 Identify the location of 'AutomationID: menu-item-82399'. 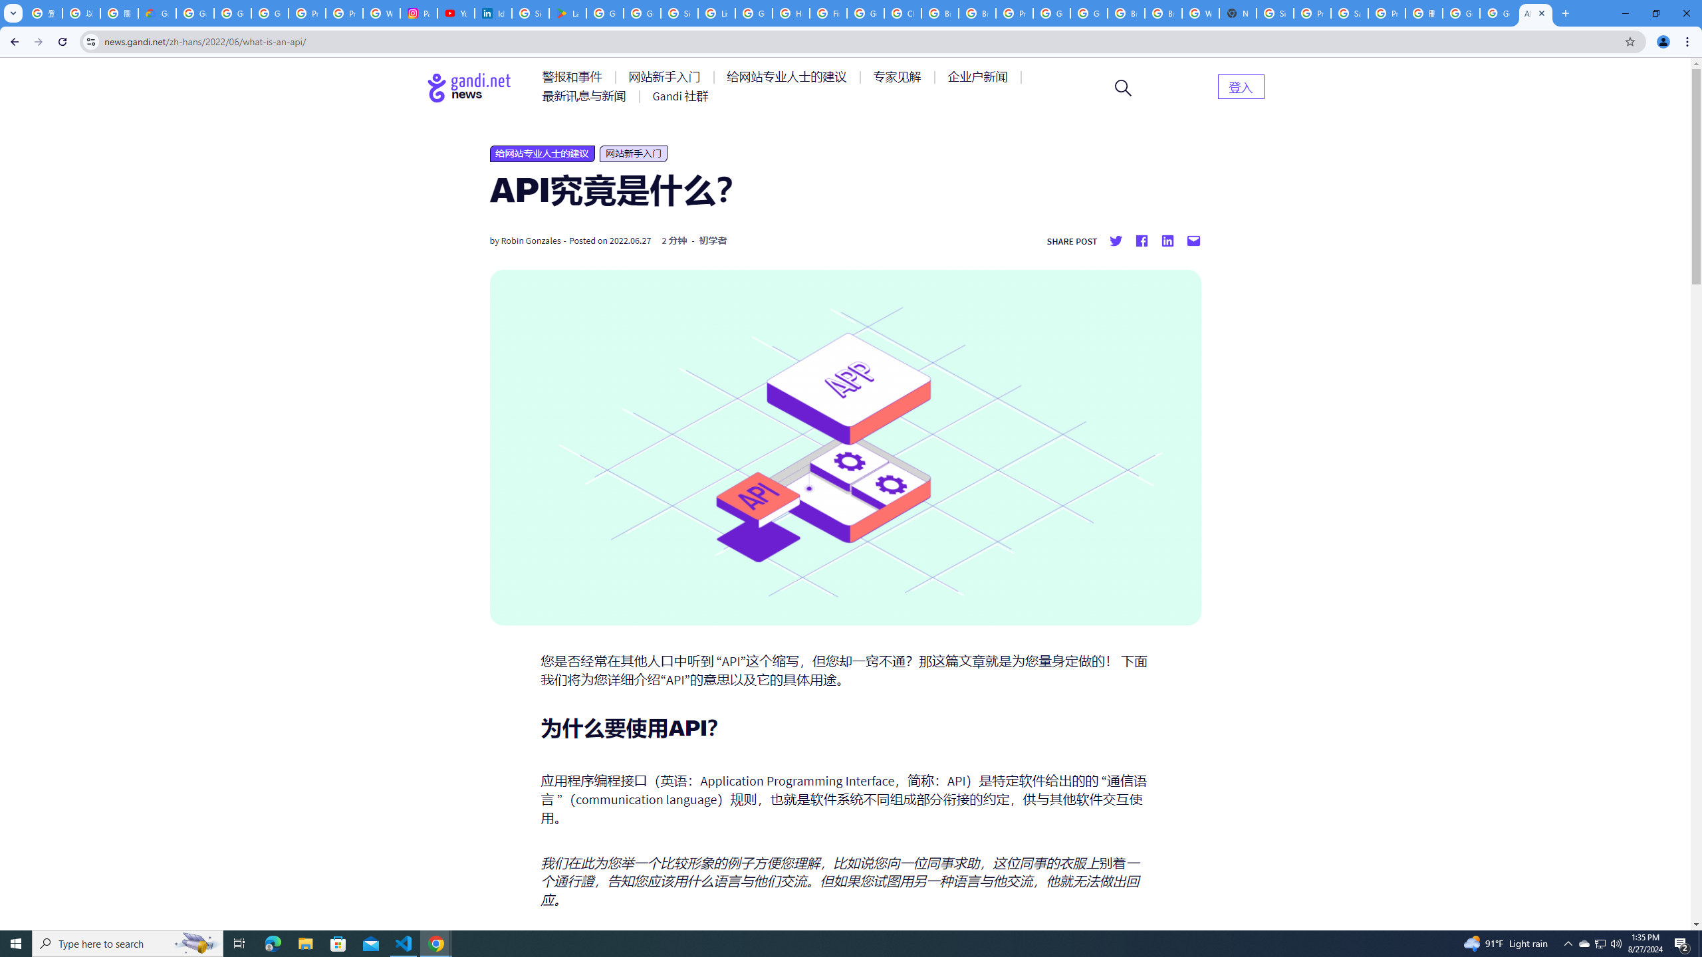
(1241, 86).